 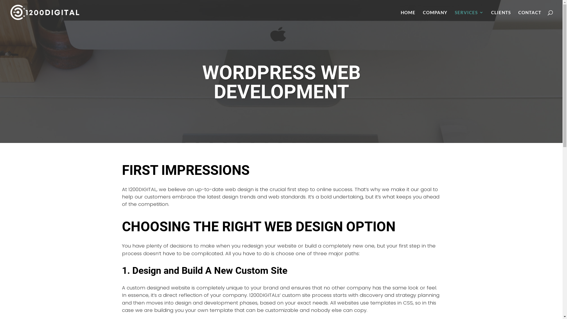 What do you see at coordinates (530, 17) in the screenshot?
I see `'CONTACT'` at bounding box center [530, 17].